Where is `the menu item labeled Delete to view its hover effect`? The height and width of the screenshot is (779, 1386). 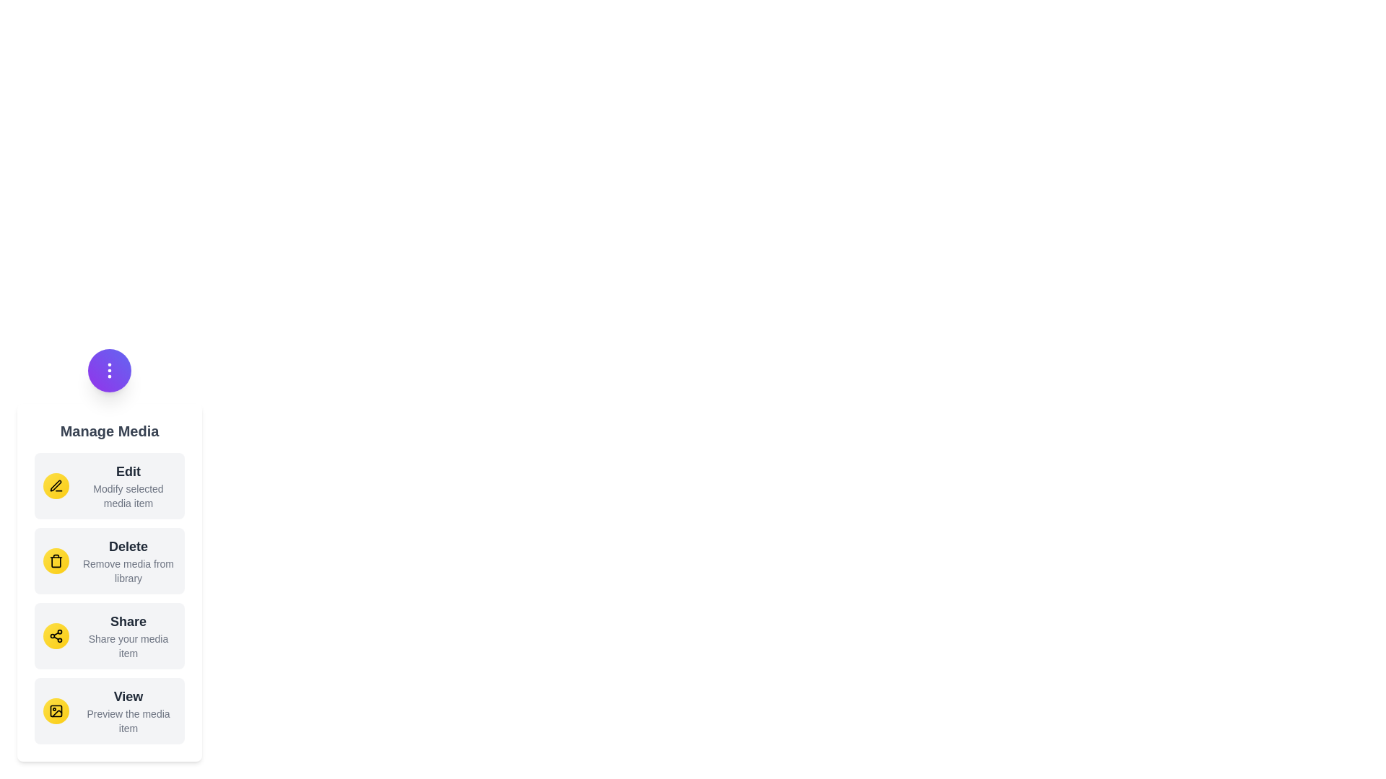 the menu item labeled Delete to view its hover effect is located at coordinates (109, 560).